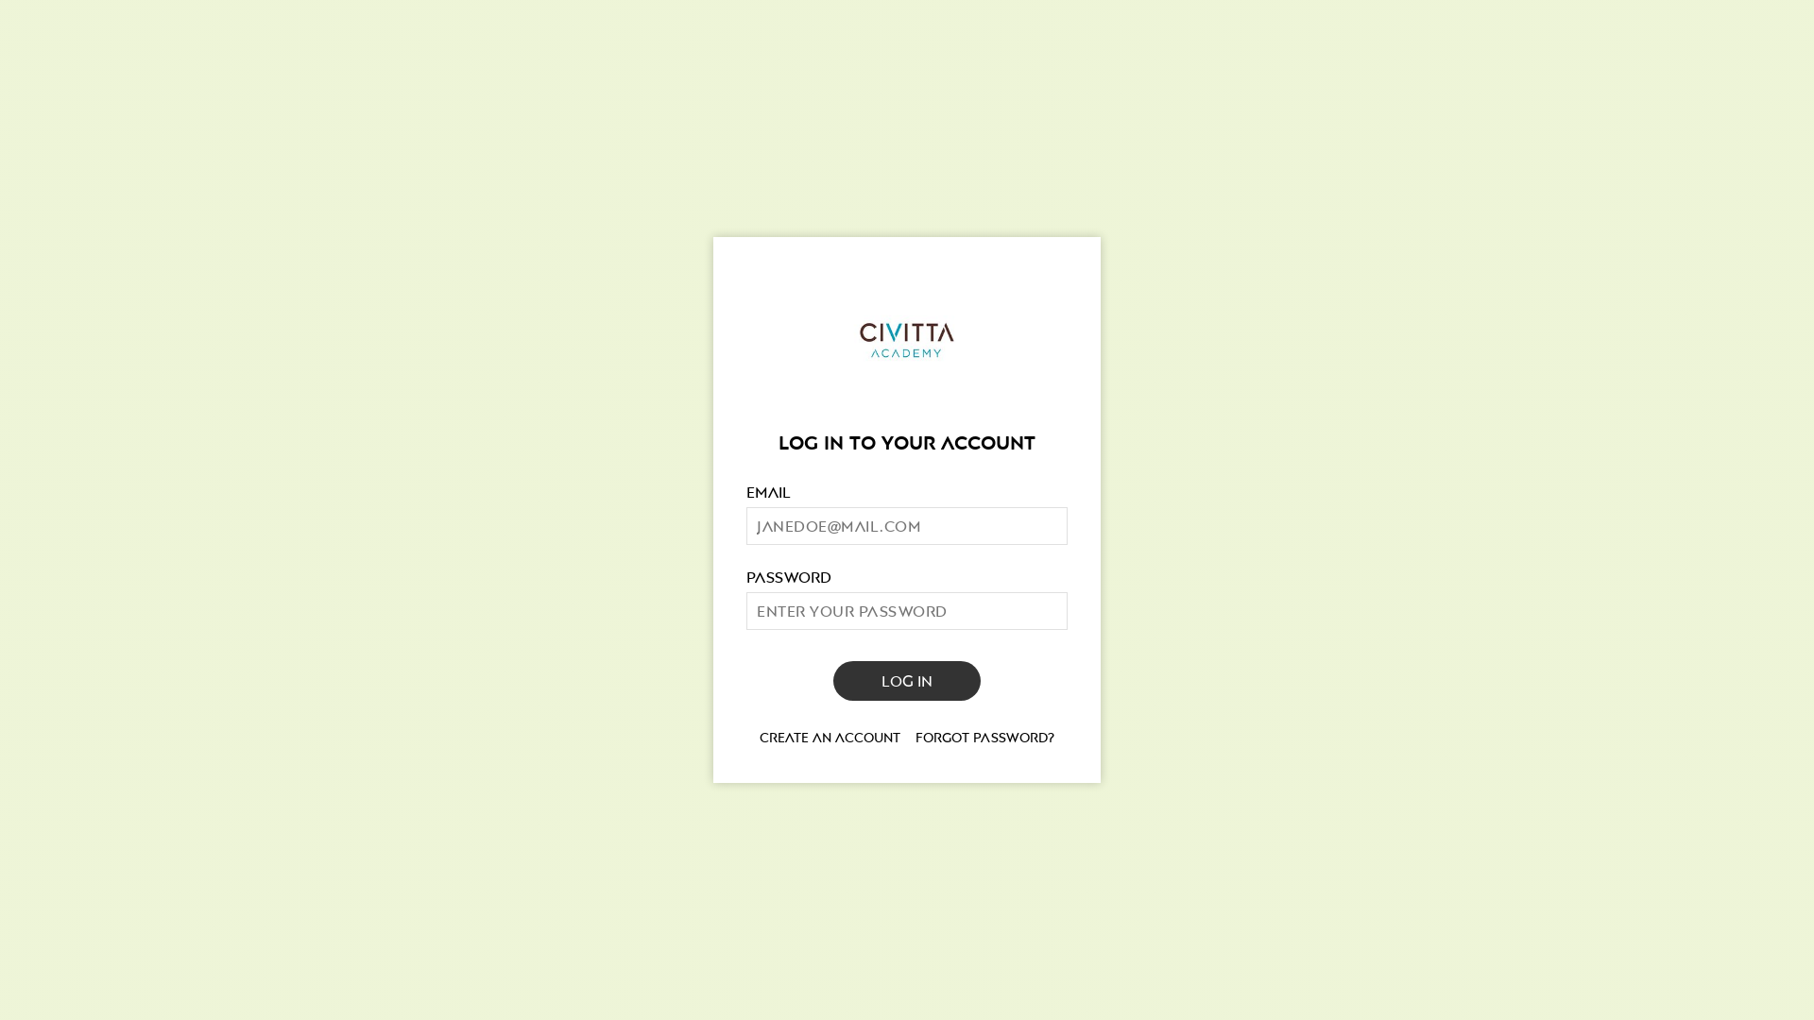  What do you see at coordinates (984, 736) in the screenshot?
I see `'Forgot password?'` at bounding box center [984, 736].